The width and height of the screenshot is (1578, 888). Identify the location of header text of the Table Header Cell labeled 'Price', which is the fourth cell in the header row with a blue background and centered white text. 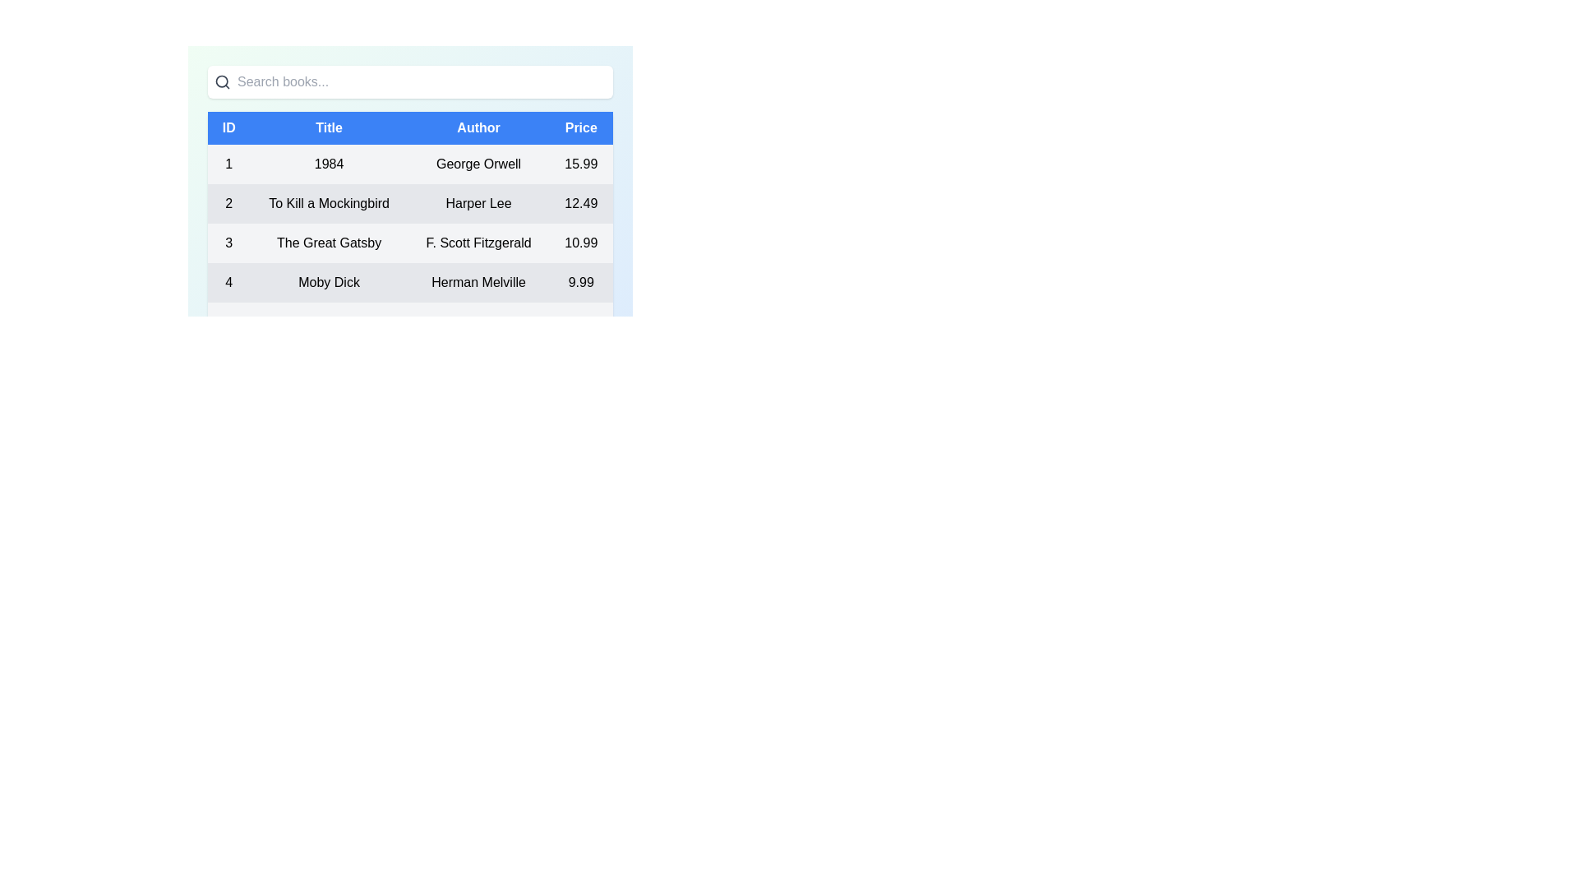
(581, 127).